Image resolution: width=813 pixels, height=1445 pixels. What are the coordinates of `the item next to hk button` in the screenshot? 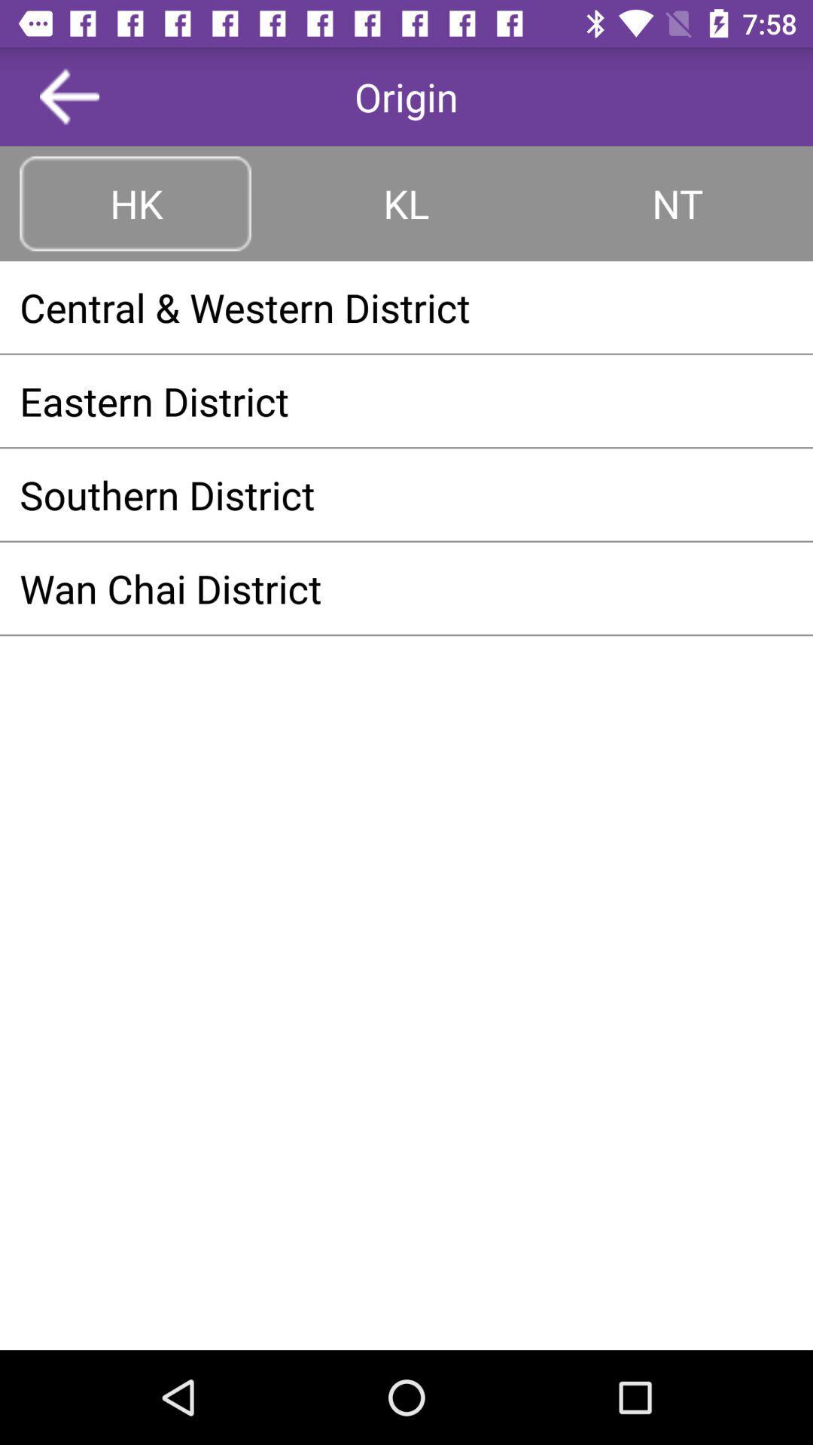 It's located at (406, 202).